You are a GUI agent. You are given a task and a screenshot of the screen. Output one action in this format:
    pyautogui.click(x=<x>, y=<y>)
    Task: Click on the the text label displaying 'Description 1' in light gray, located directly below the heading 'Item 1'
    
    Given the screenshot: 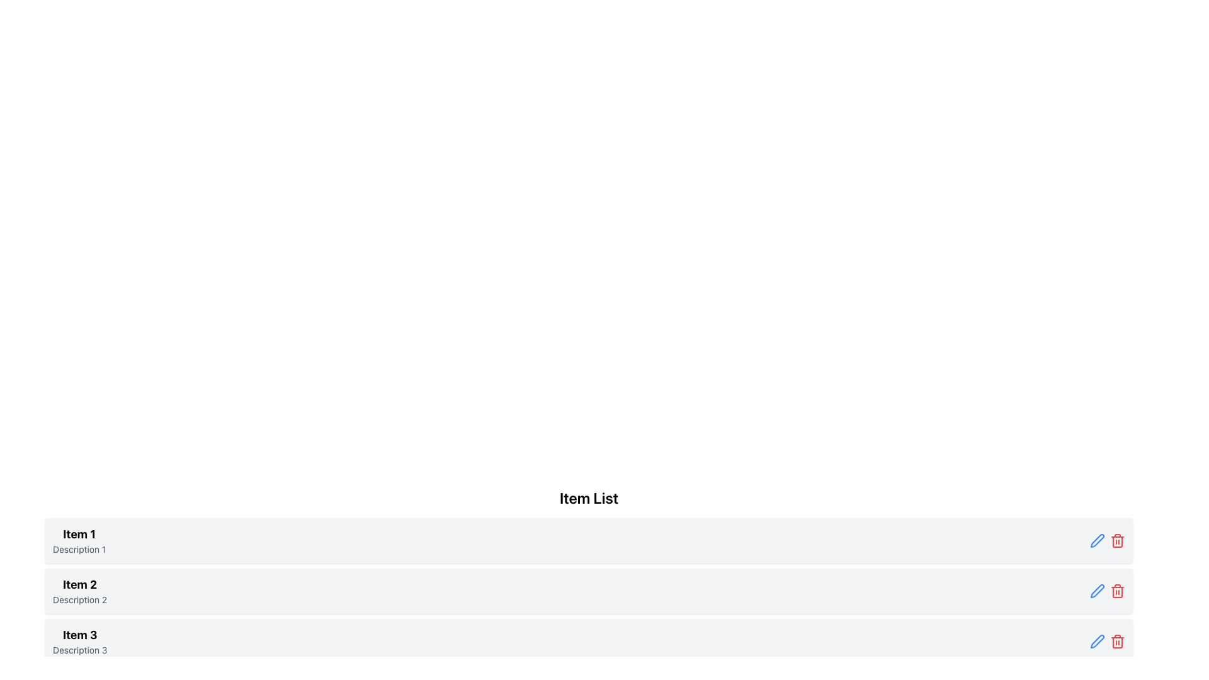 What is the action you would take?
    pyautogui.click(x=79, y=548)
    